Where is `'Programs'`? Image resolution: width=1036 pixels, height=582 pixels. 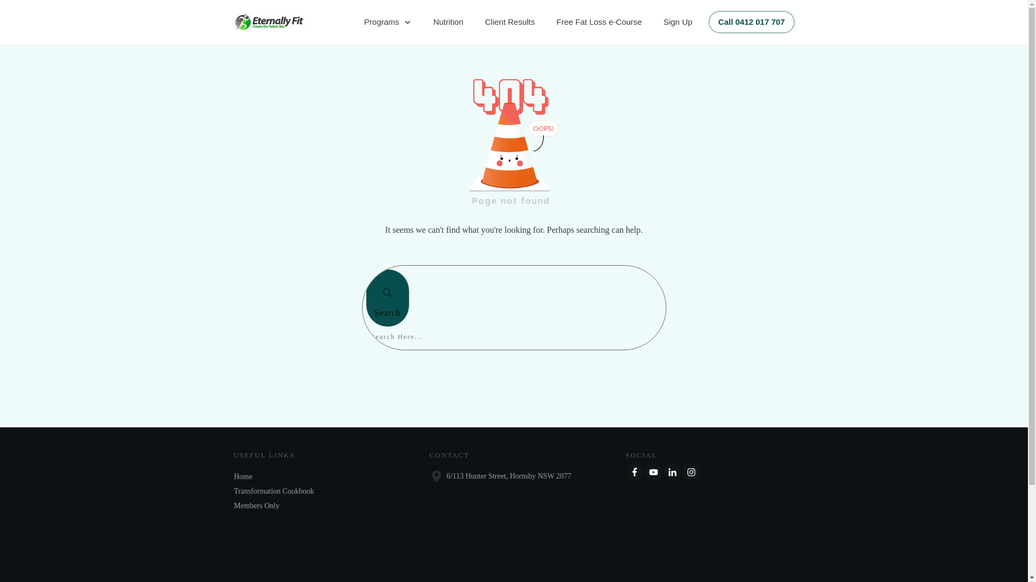 'Programs' is located at coordinates (388, 22).